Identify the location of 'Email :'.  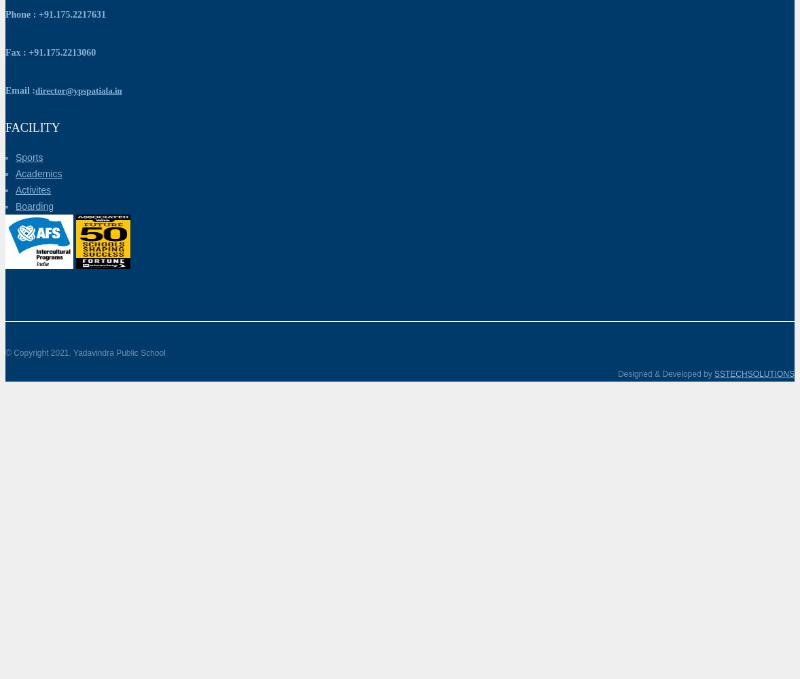
(19, 90).